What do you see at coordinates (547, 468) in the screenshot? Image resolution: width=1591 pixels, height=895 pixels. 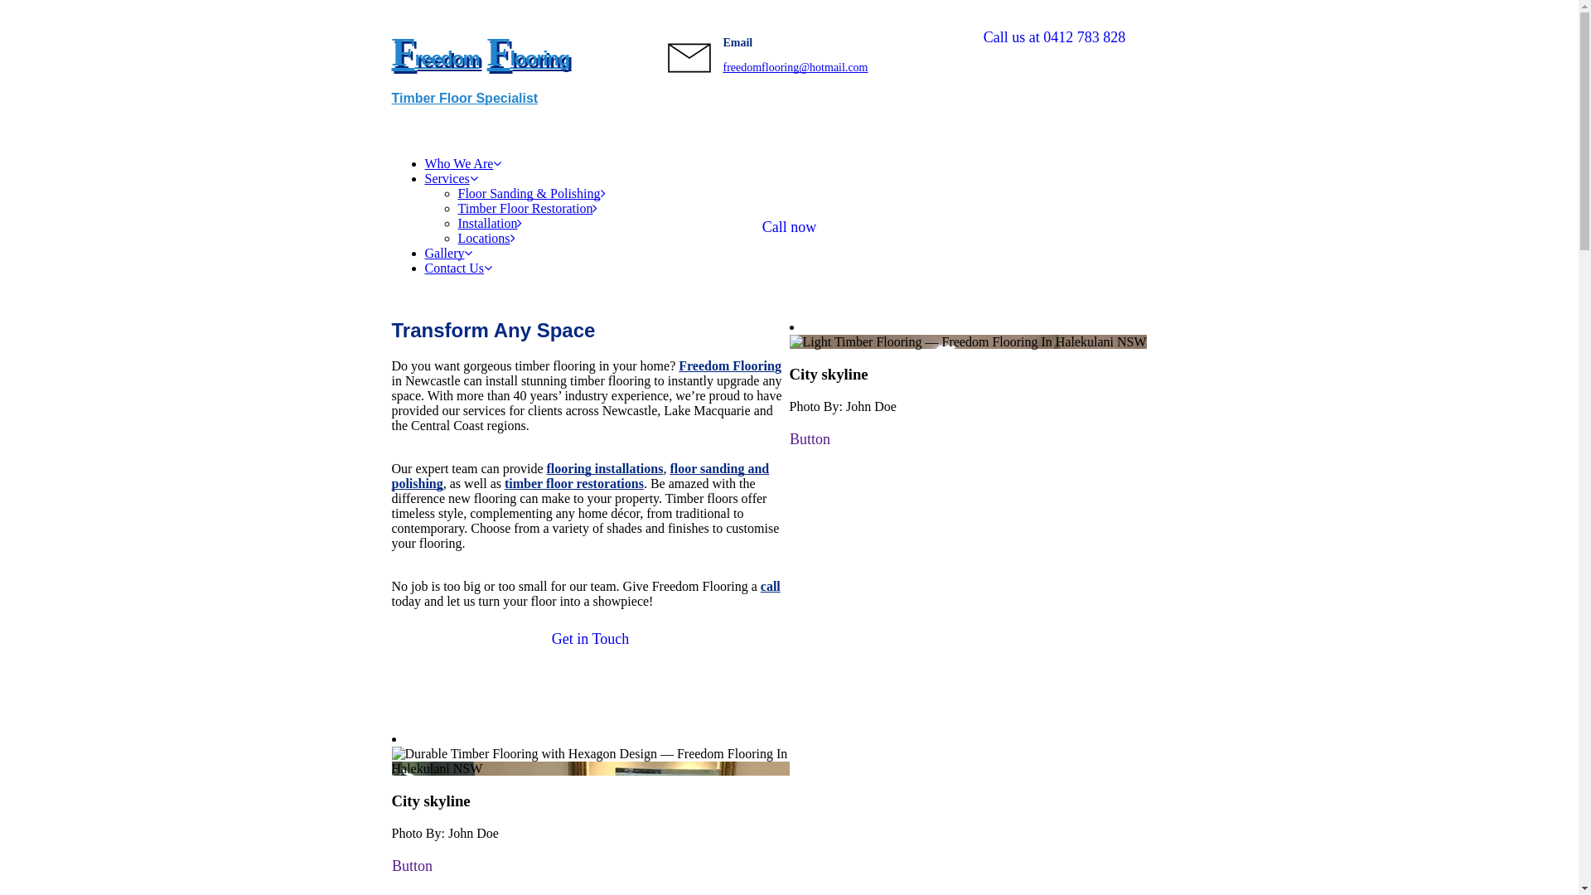 I see `'flooring installations'` at bounding box center [547, 468].